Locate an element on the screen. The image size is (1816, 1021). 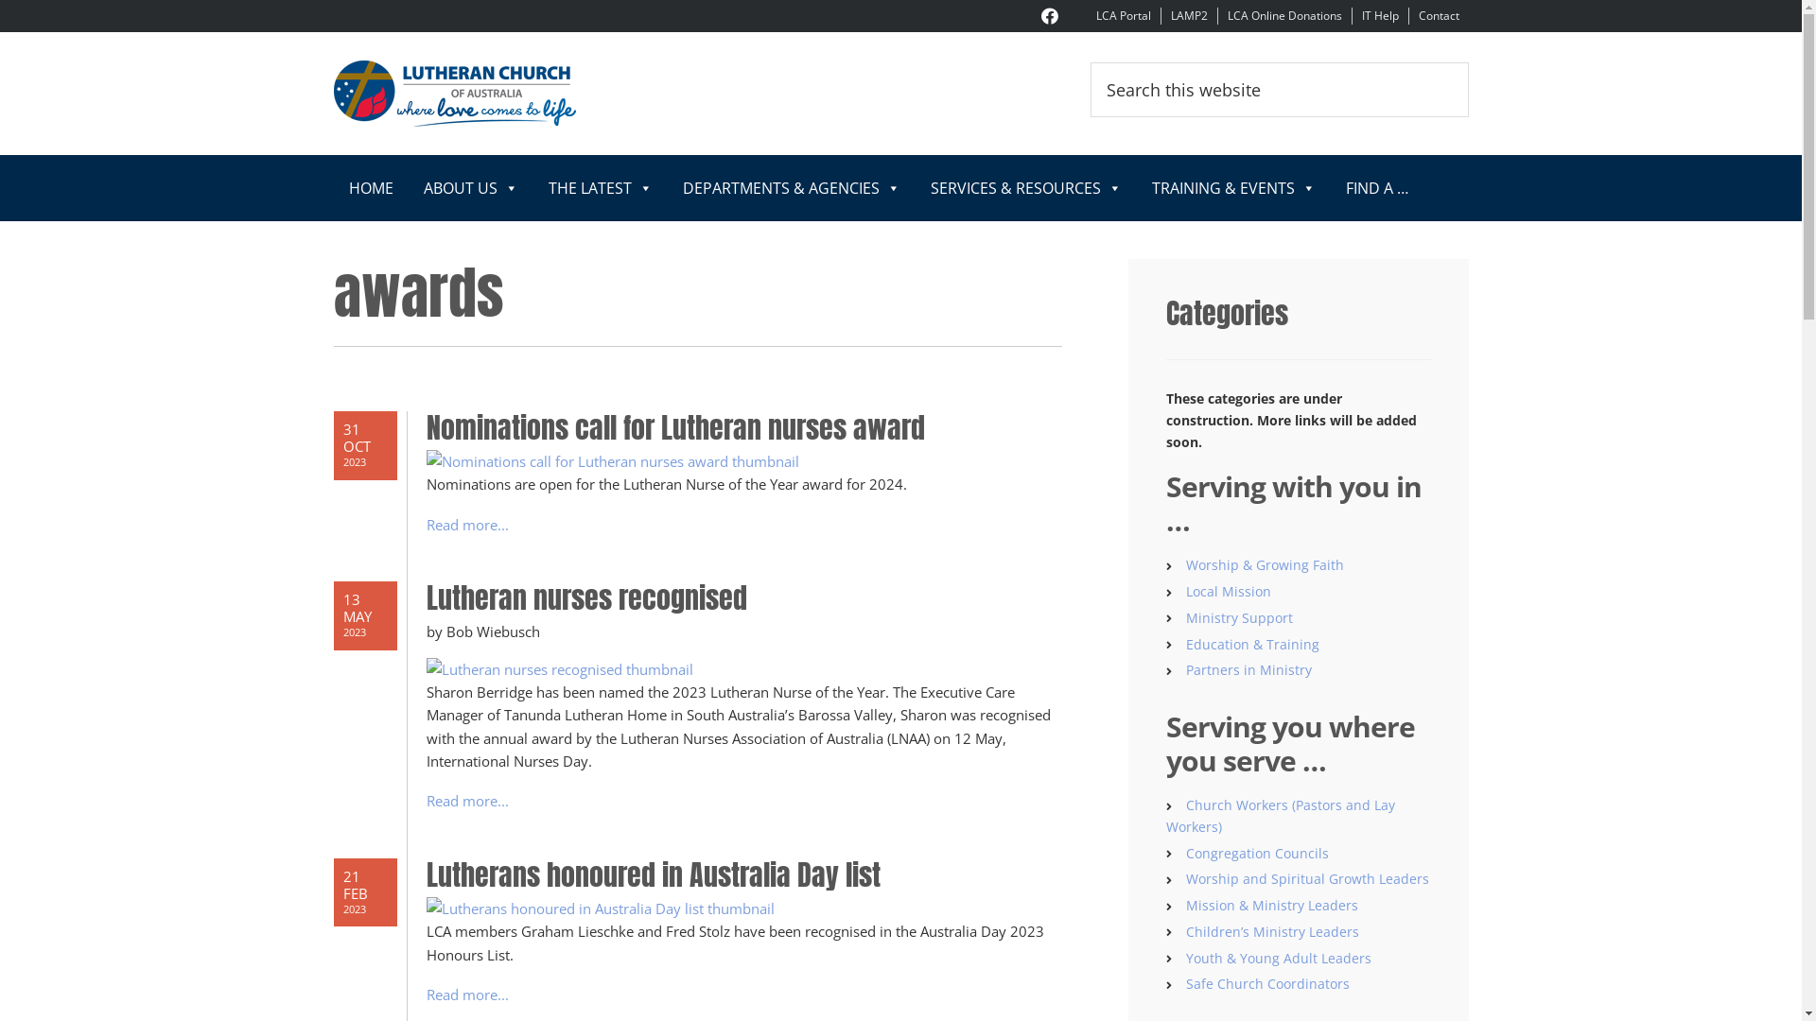
'Contact' is located at coordinates (1438, 15).